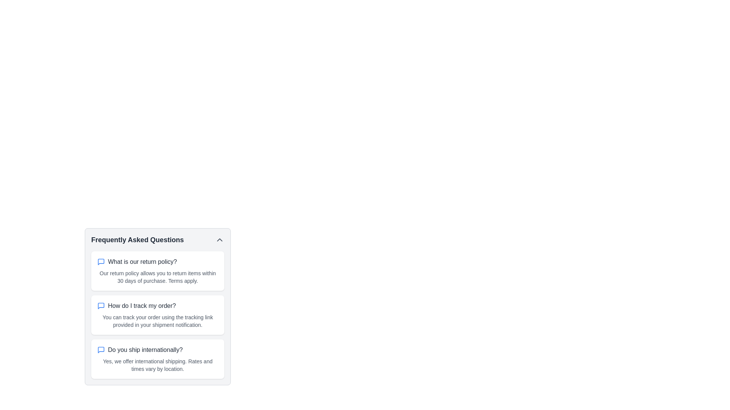  I want to click on the Text label at the top of the FAQ section, so click(157, 240).